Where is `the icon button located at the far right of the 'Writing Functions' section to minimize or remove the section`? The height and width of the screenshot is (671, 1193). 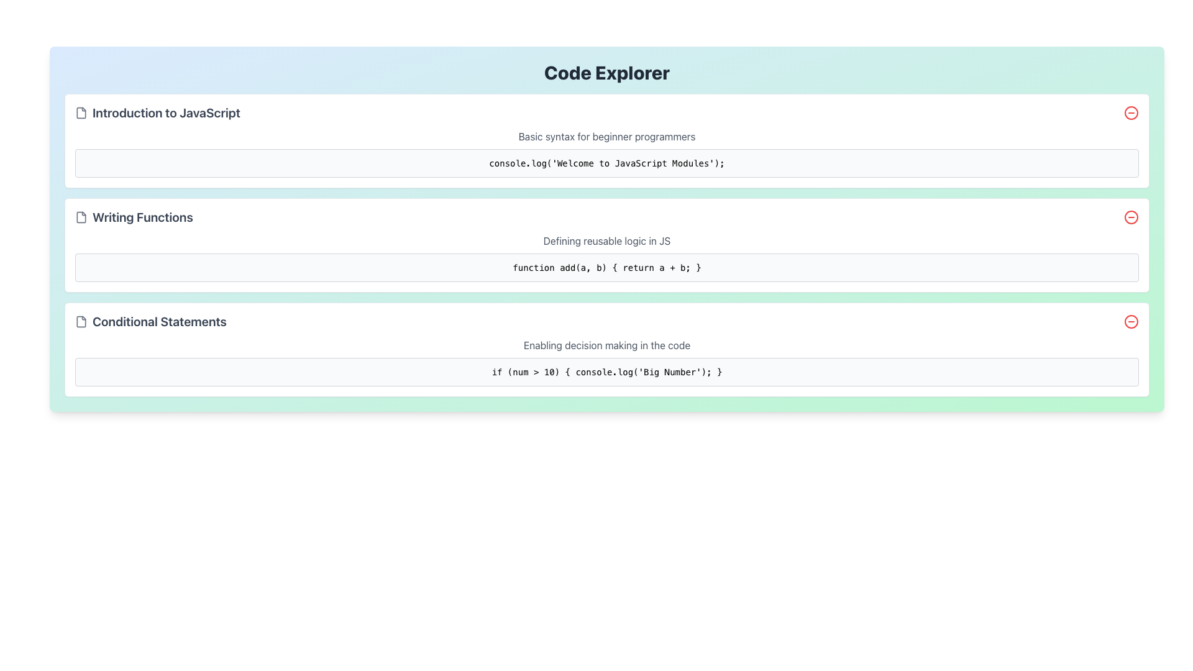 the icon button located at the far right of the 'Writing Functions' section to minimize or remove the section is located at coordinates (1131, 217).